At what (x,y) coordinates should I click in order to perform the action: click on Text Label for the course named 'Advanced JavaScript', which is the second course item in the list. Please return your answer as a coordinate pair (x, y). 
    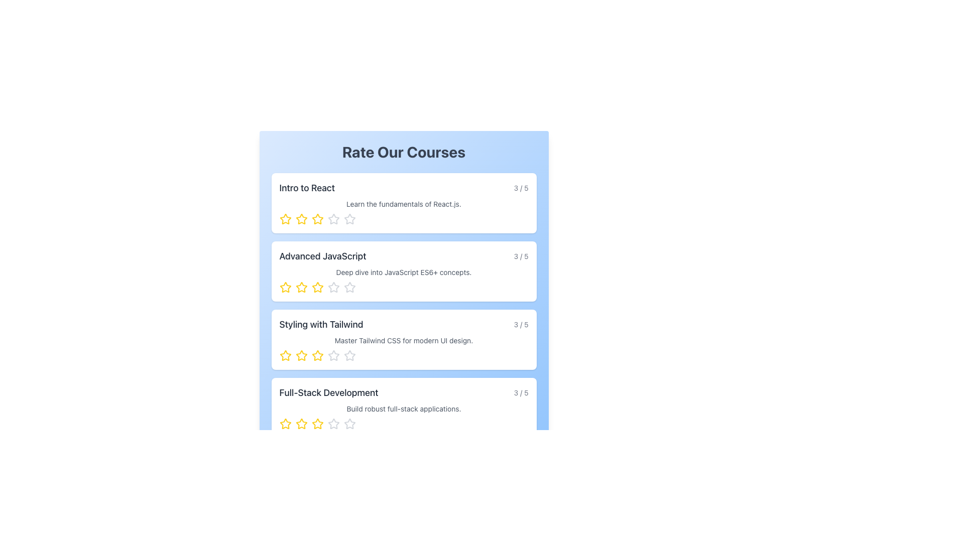
    Looking at the image, I should click on (323, 255).